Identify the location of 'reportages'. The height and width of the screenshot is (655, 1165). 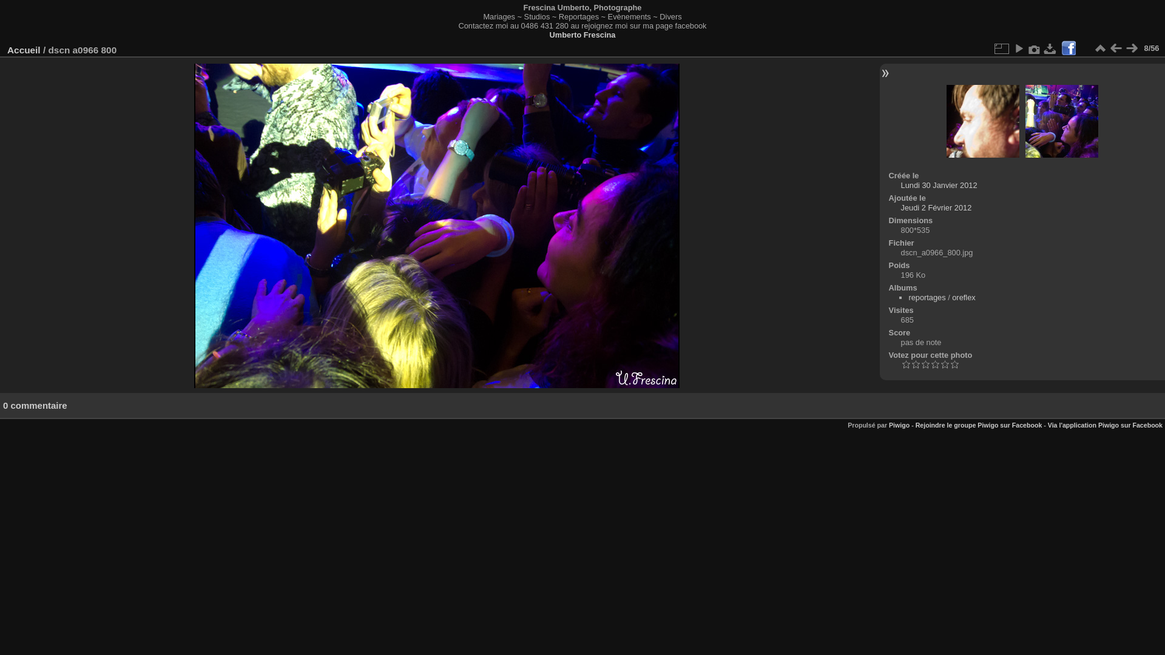
(908, 297).